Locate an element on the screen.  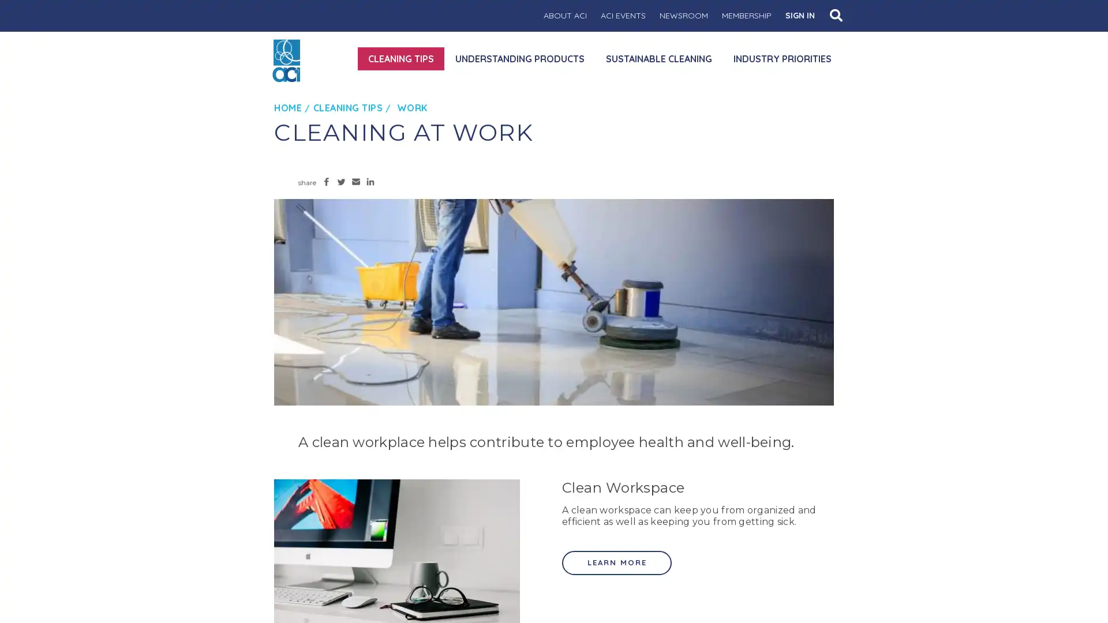
Share to Twitter is located at coordinates (339, 182).